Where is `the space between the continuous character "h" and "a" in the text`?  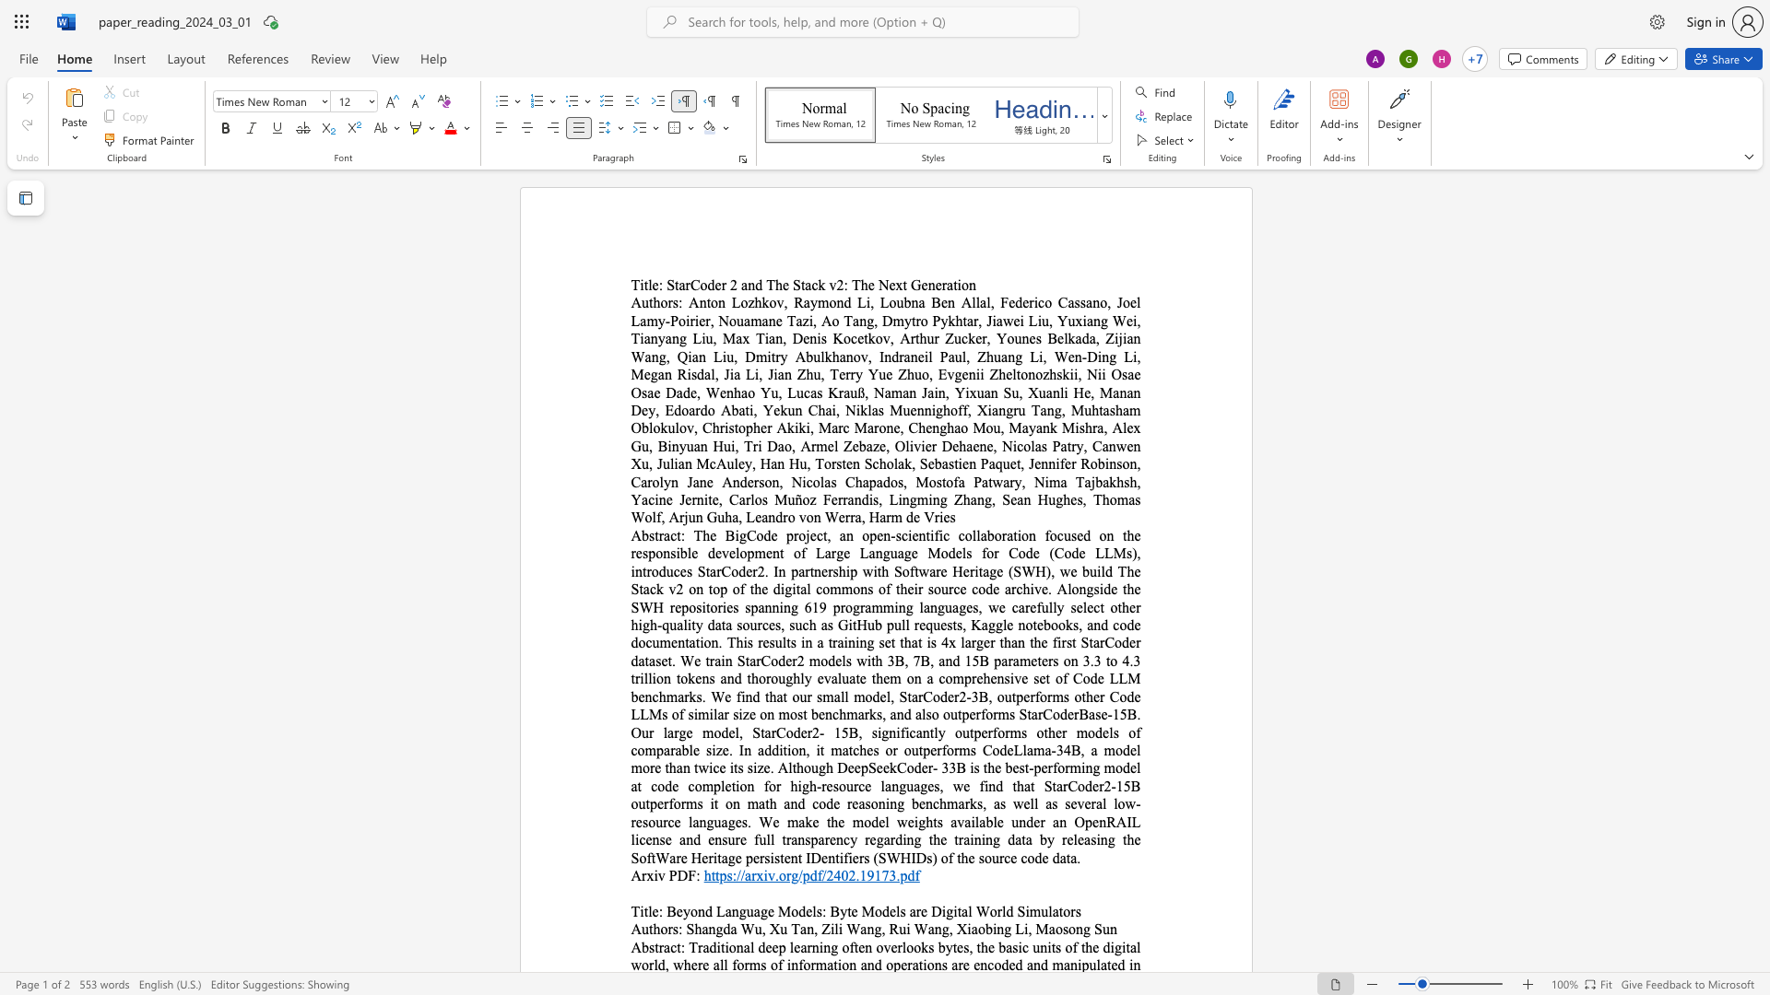
the space between the continuous character "h" and "a" in the text is located at coordinates (701, 929).